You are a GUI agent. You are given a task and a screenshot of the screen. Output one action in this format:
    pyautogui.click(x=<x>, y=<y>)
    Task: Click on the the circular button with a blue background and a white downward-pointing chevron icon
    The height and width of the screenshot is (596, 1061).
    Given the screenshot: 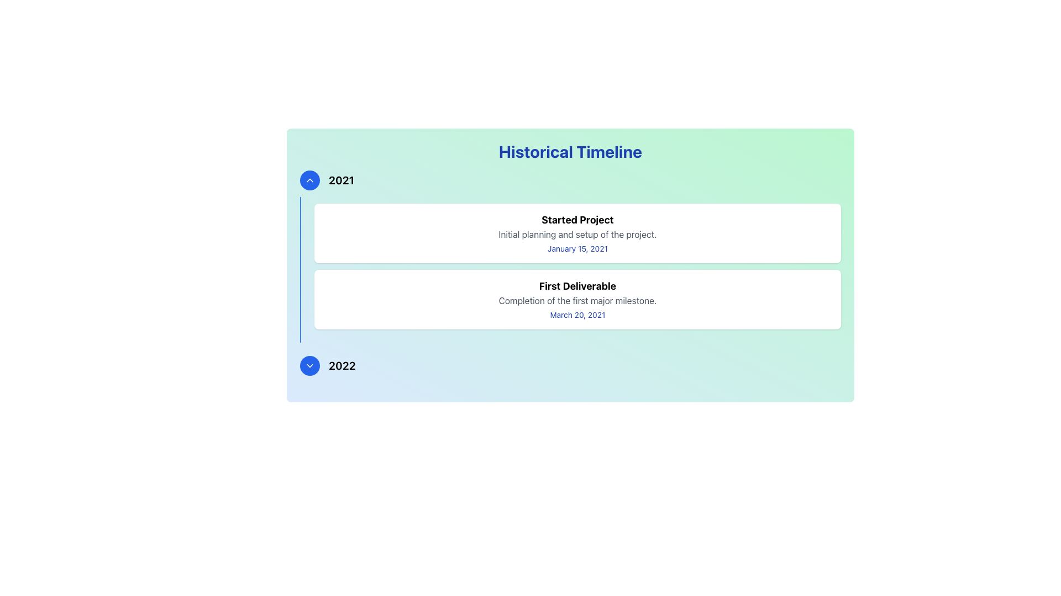 What is the action you would take?
    pyautogui.click(x=309, y=366)
    